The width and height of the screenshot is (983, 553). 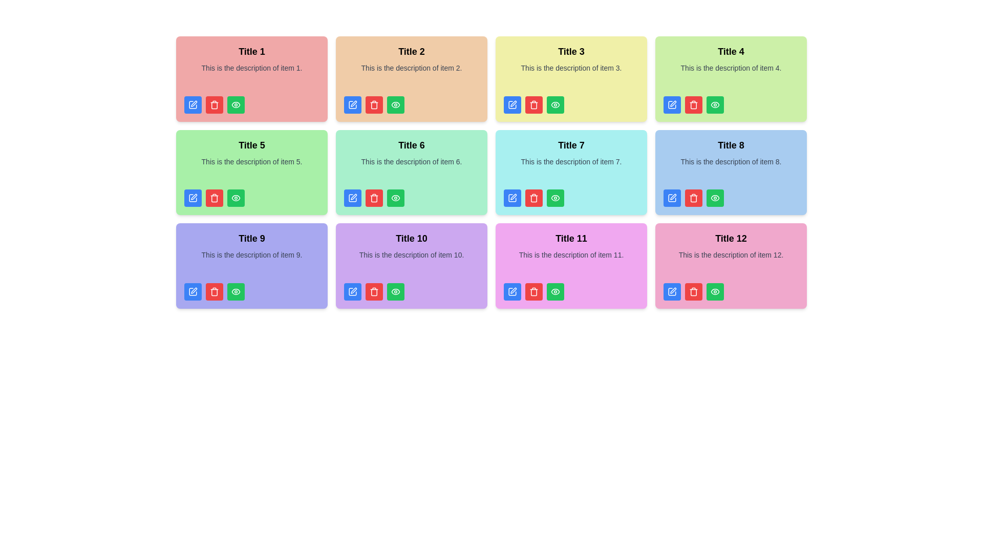 I want to click on text from the bold, large-text title labeled 'Title 12' displayed in black font at the top of the pink card located at the bottom-right corner of the grid layout, so click(x=731, y=239).